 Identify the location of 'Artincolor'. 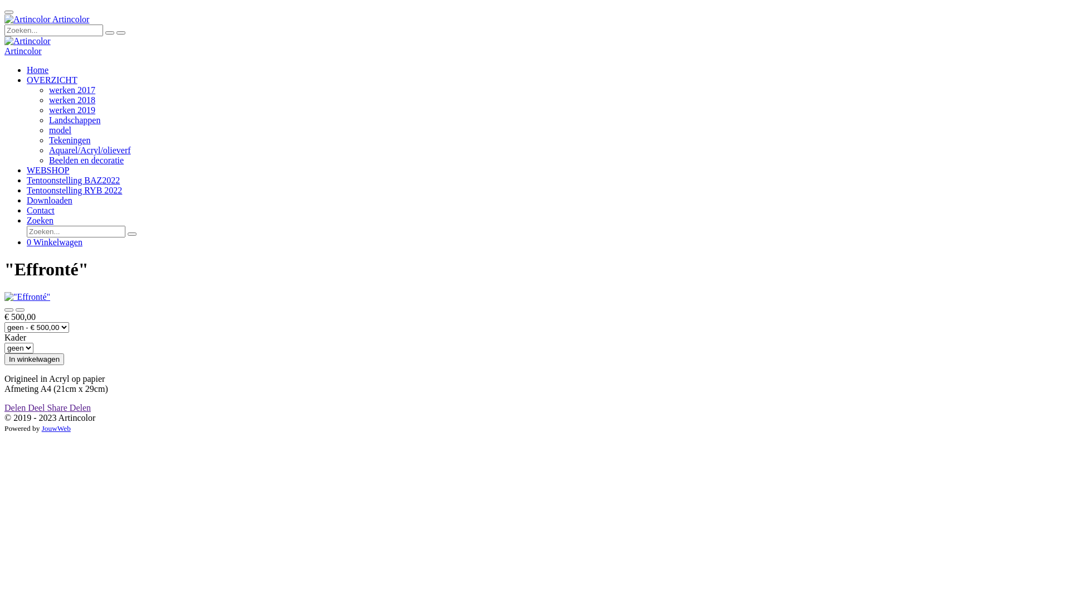
(4, 40).